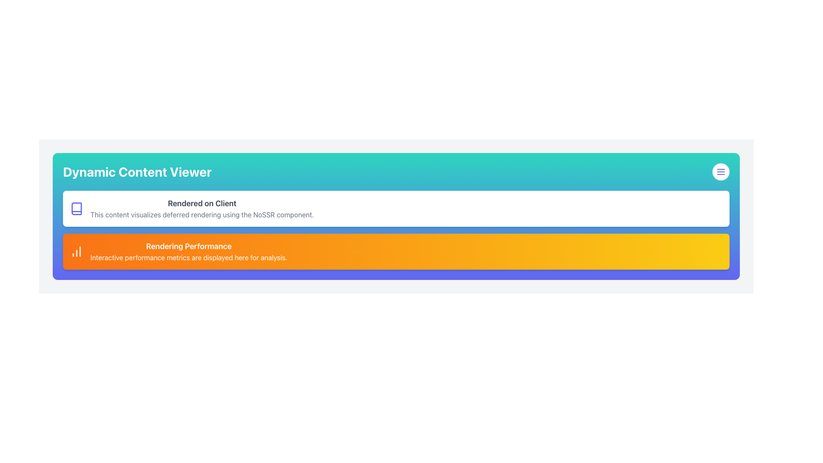 This screenshot has width=823, height=463. I want to click on the circular button with a white background and indigo text, featuring a menu icon, located in the top-right corner of the 'Dynamic Content Viewer' section, so click(720, 172).